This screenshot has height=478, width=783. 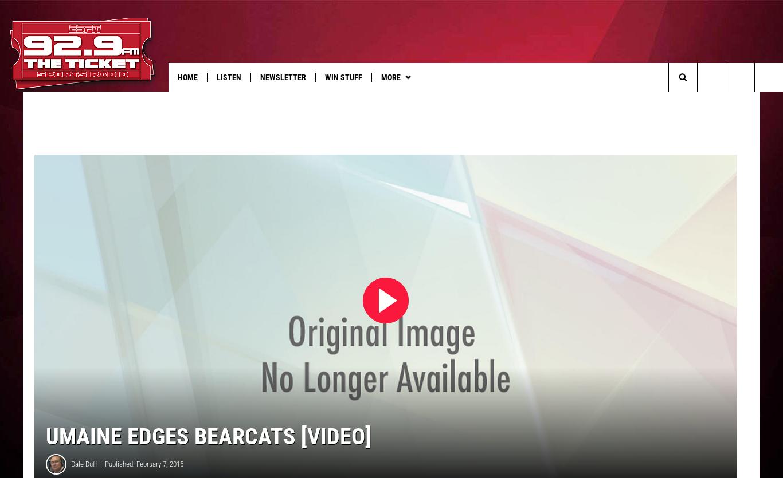 I want to click on 'Celtics', so click(x=547, y=101).